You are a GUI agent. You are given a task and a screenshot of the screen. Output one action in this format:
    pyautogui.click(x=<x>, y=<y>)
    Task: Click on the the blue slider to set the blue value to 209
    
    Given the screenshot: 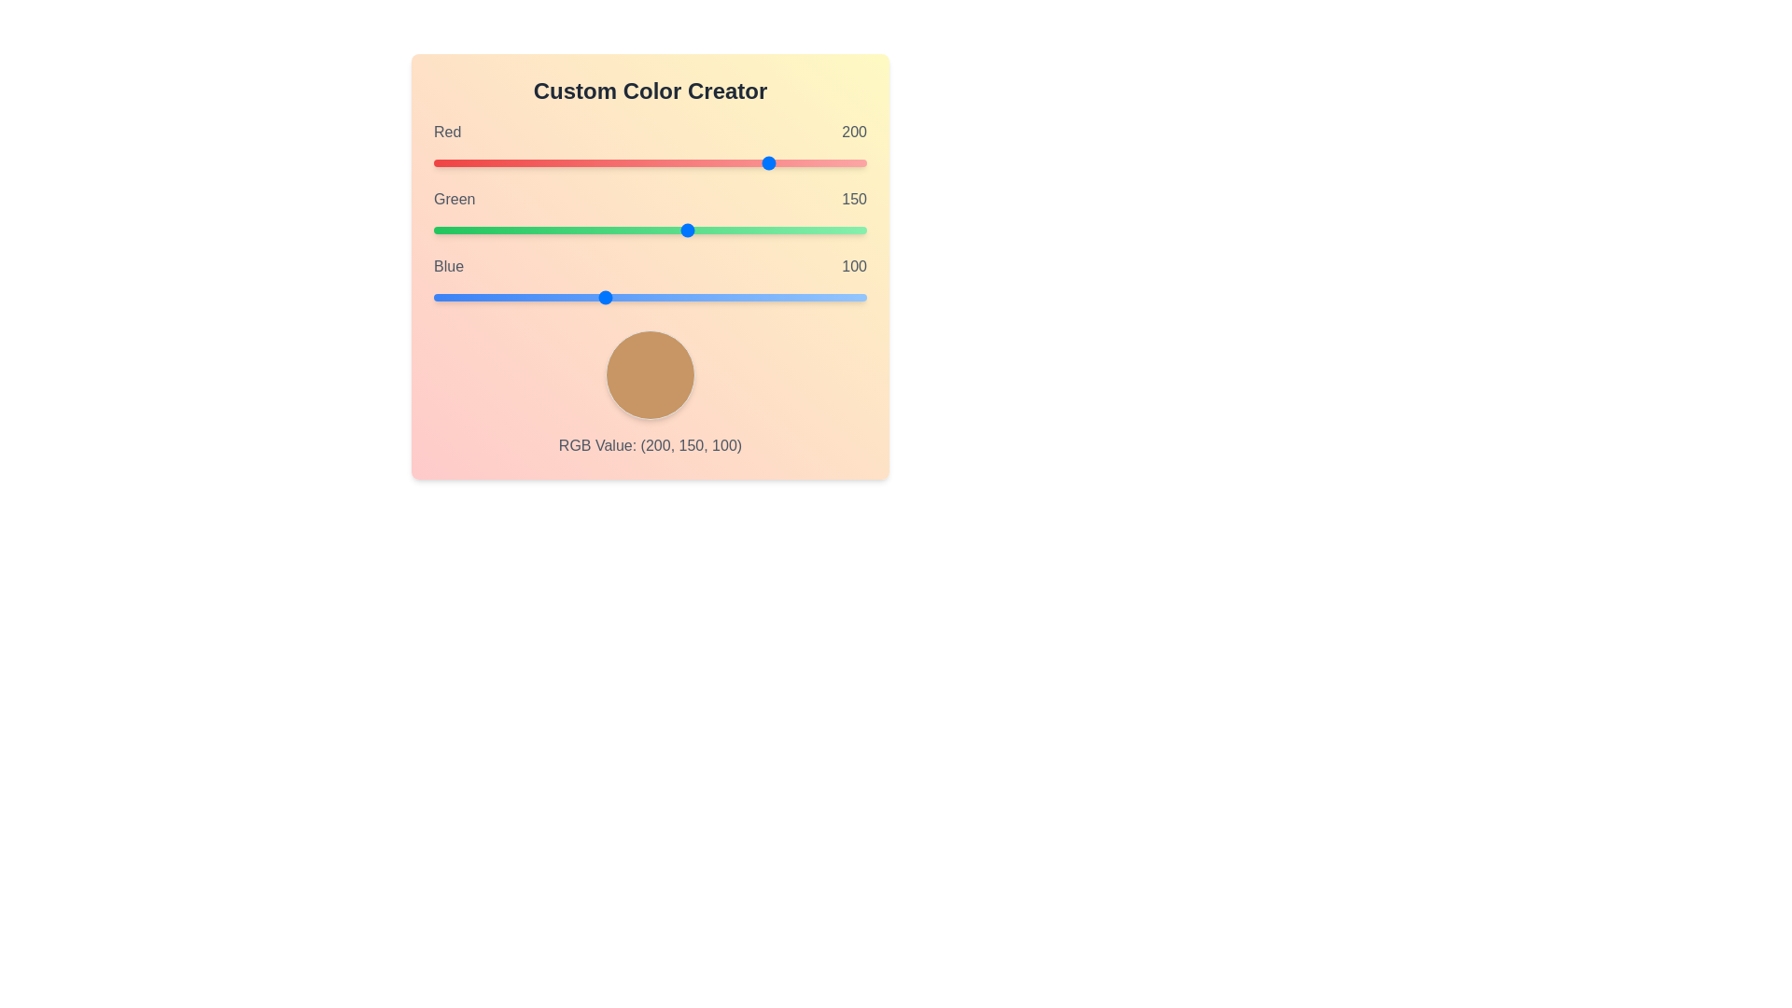 What is the action you would take?
    pyautogui.click(x=789, y=297)
    